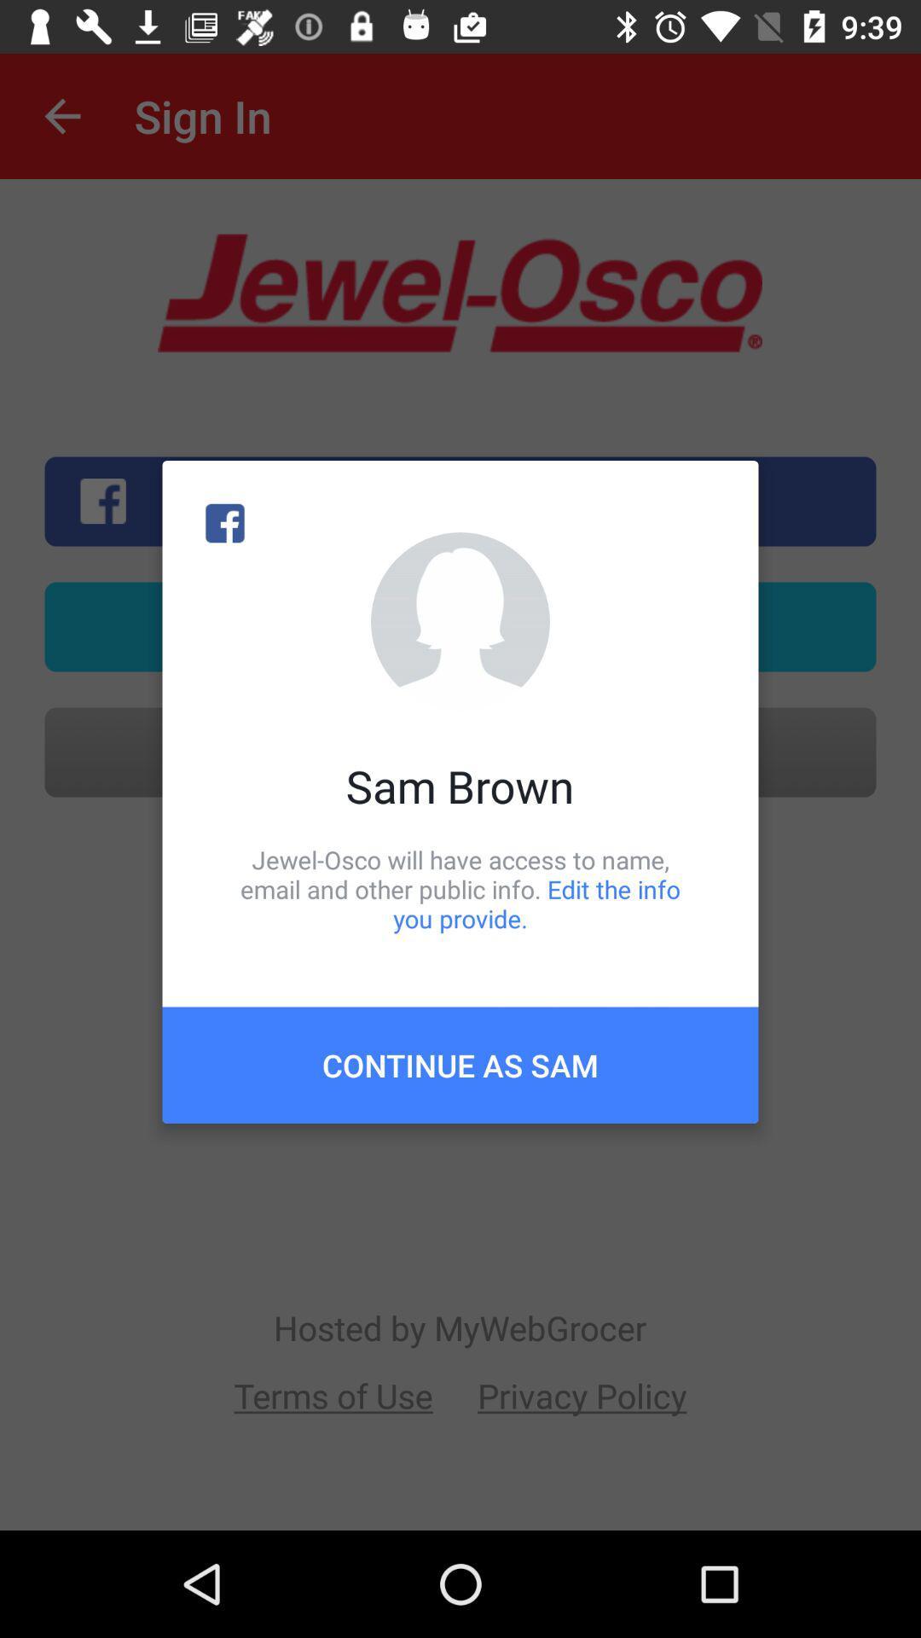 The width and height of the screenshot is (921, 1638). I want to click on item below the sam brown icon, so click(460, 888).